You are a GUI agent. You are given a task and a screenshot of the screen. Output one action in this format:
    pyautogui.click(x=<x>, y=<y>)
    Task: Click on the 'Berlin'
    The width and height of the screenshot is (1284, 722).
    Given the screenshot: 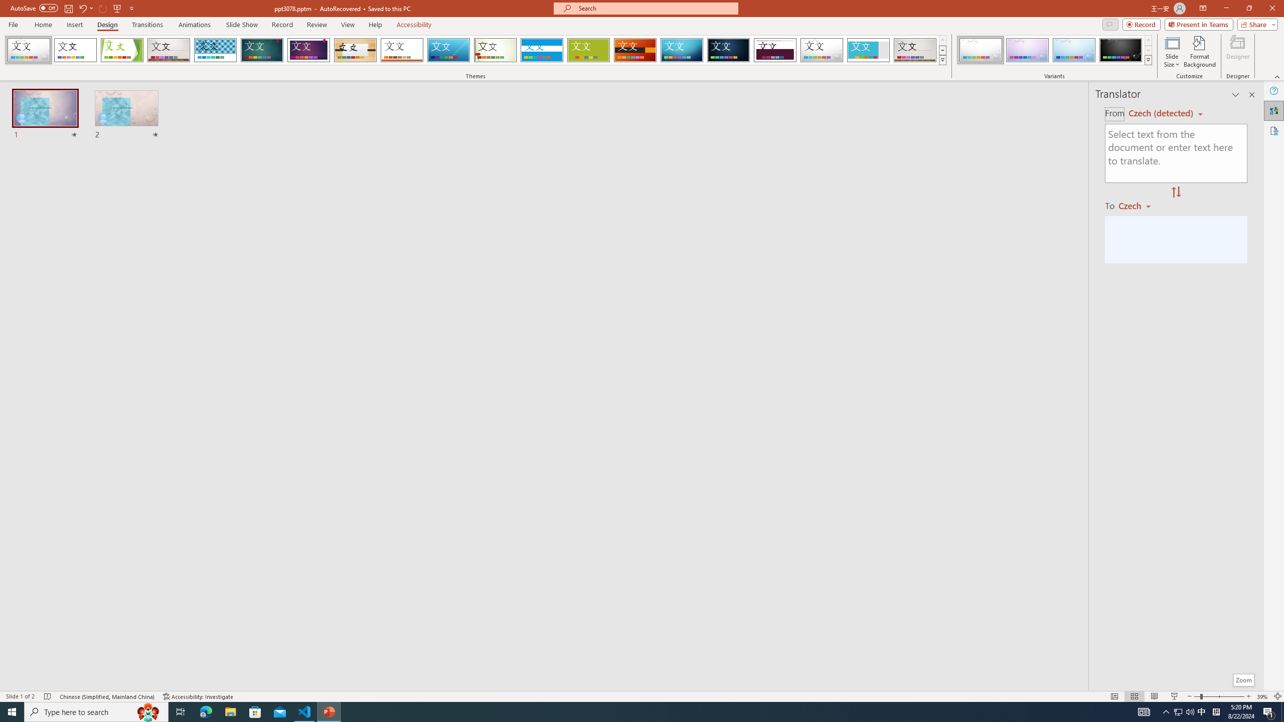 What is the action you would take?
    pyautogui.click(x=635, y=50)
    